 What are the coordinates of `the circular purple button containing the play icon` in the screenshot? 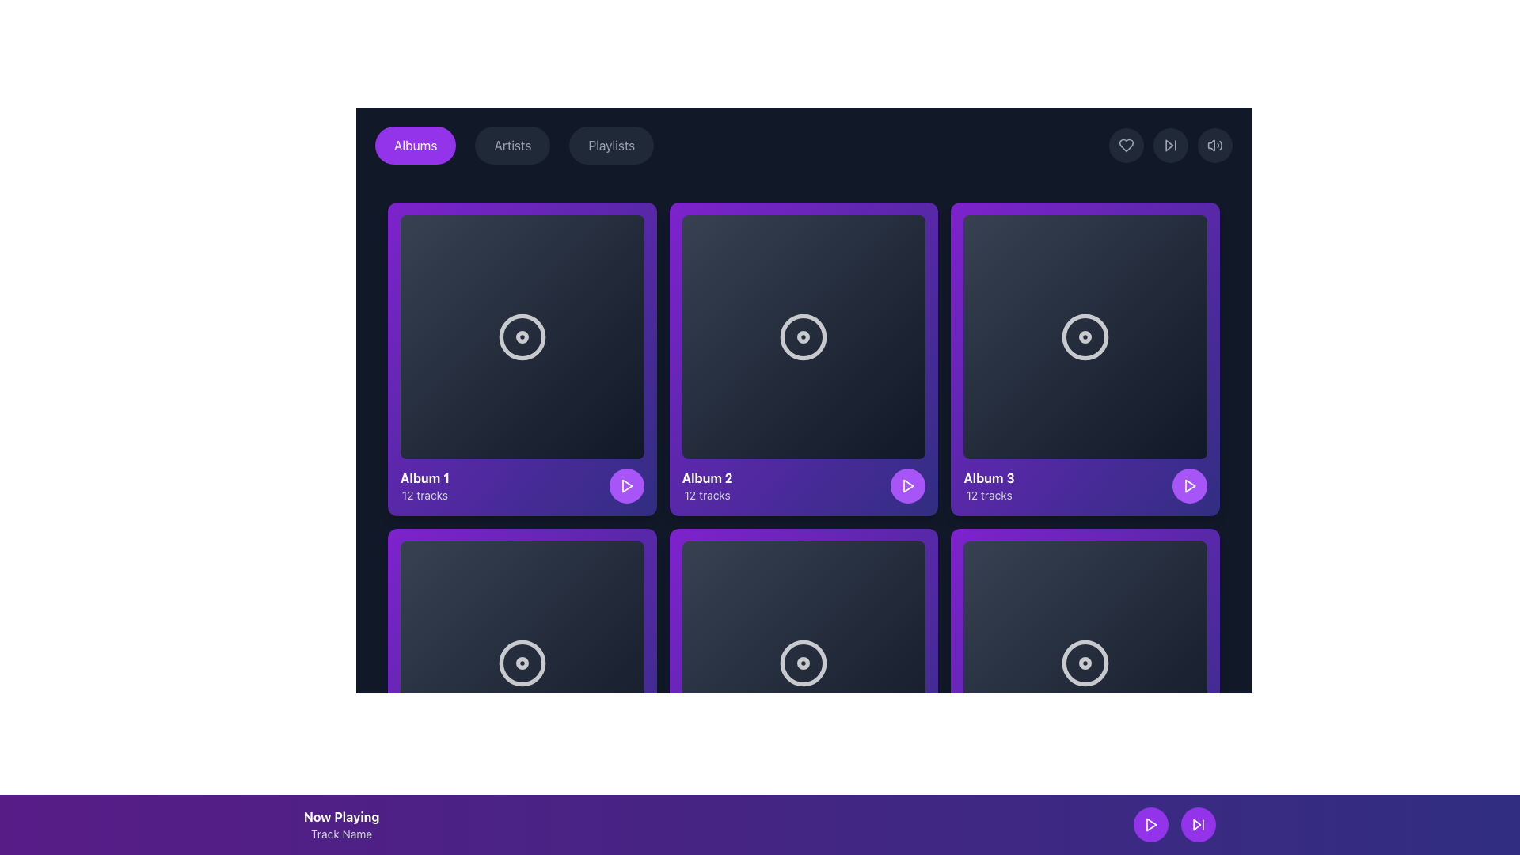 It's located at (625, 811).